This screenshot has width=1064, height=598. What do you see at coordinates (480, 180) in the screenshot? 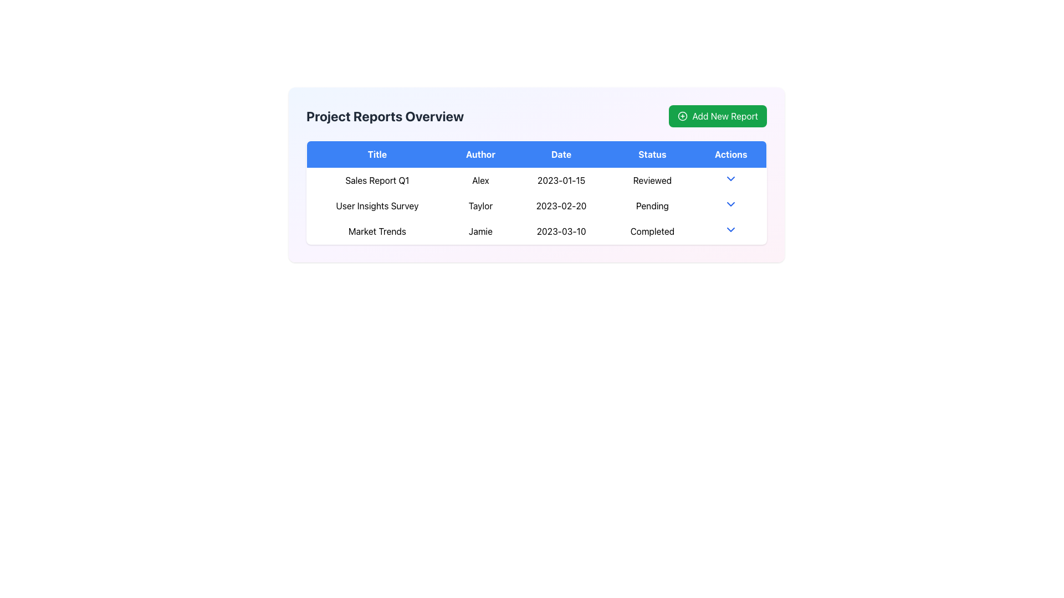
I see `text content of the text label displaying 'Alex', which is the second item in the row under the 'Author' column of the table-like structure` at bounding box center [480, 180].